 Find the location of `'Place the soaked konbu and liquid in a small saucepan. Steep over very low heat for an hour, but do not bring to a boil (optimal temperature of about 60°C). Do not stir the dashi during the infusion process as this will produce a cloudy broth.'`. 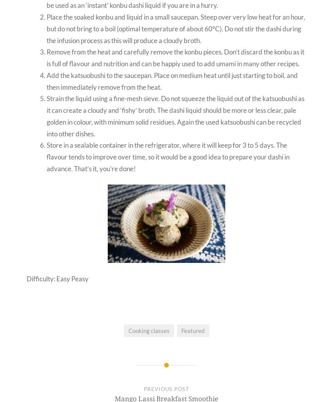

'Place the soaked konbu and liquid in a small saucepan. Steep over very low heat for an hour, but do not bring to a boil (optimal temperature of about 60°C). Do not stir the dashi during the infusion process as this will produce a cloudy broth.' is located at coordinates (46, 28).